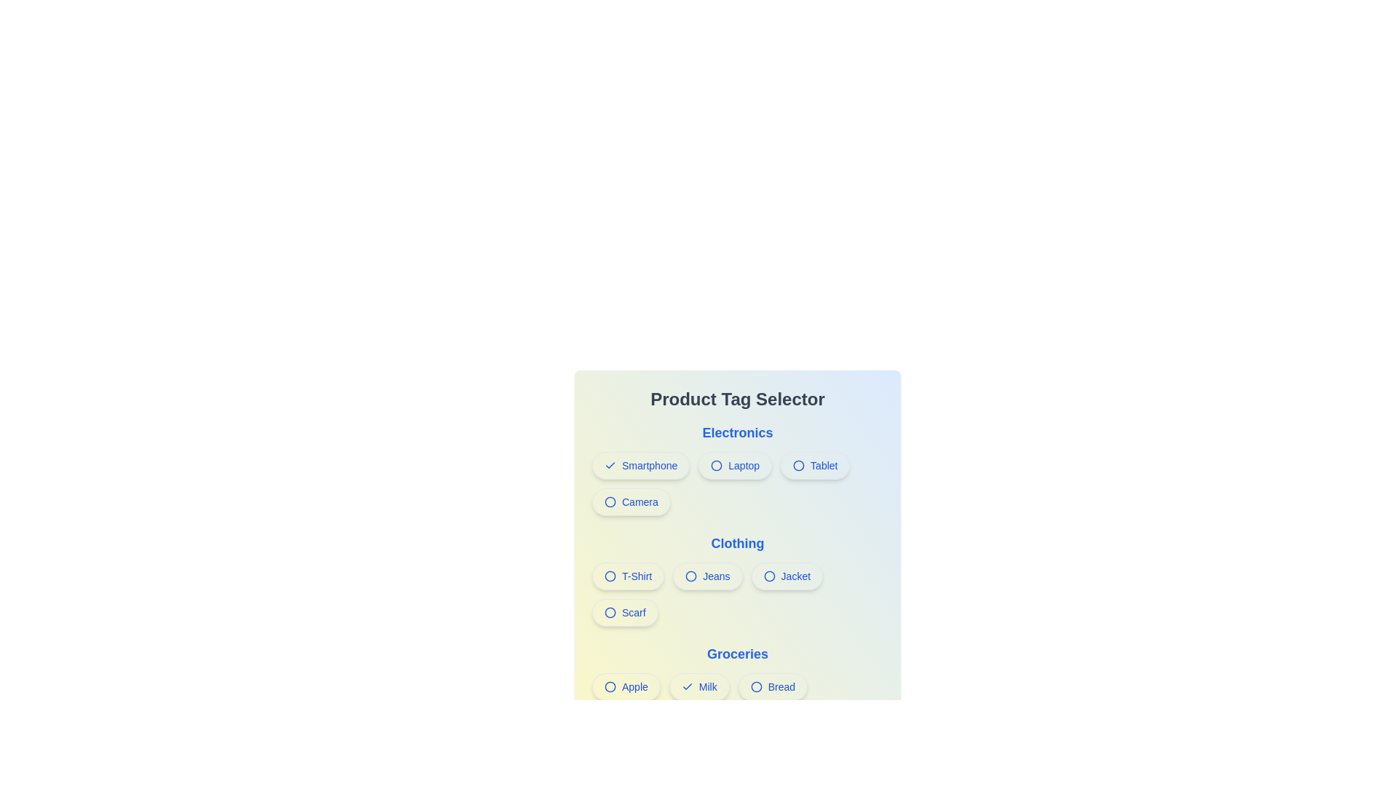 The image size is (1397, 786). What do you see at coordinates (717, 466) in the screenshot?
I see `the circular graphical element representing the selection status of the 'Laptop' option in the 'Electronics' section` at bounding box center [717, 466].